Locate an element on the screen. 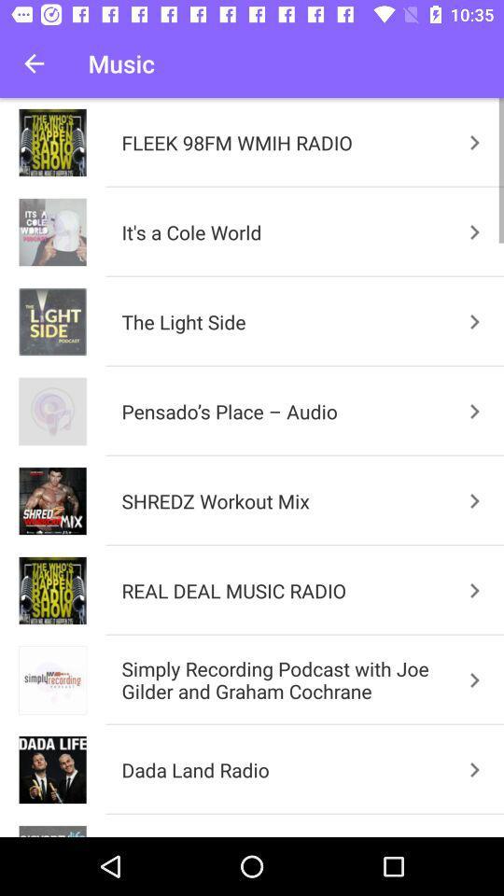 The height and width of the screenshot is (896, 504). the image of pensados placeaudio is located at coordinates (52, 412).